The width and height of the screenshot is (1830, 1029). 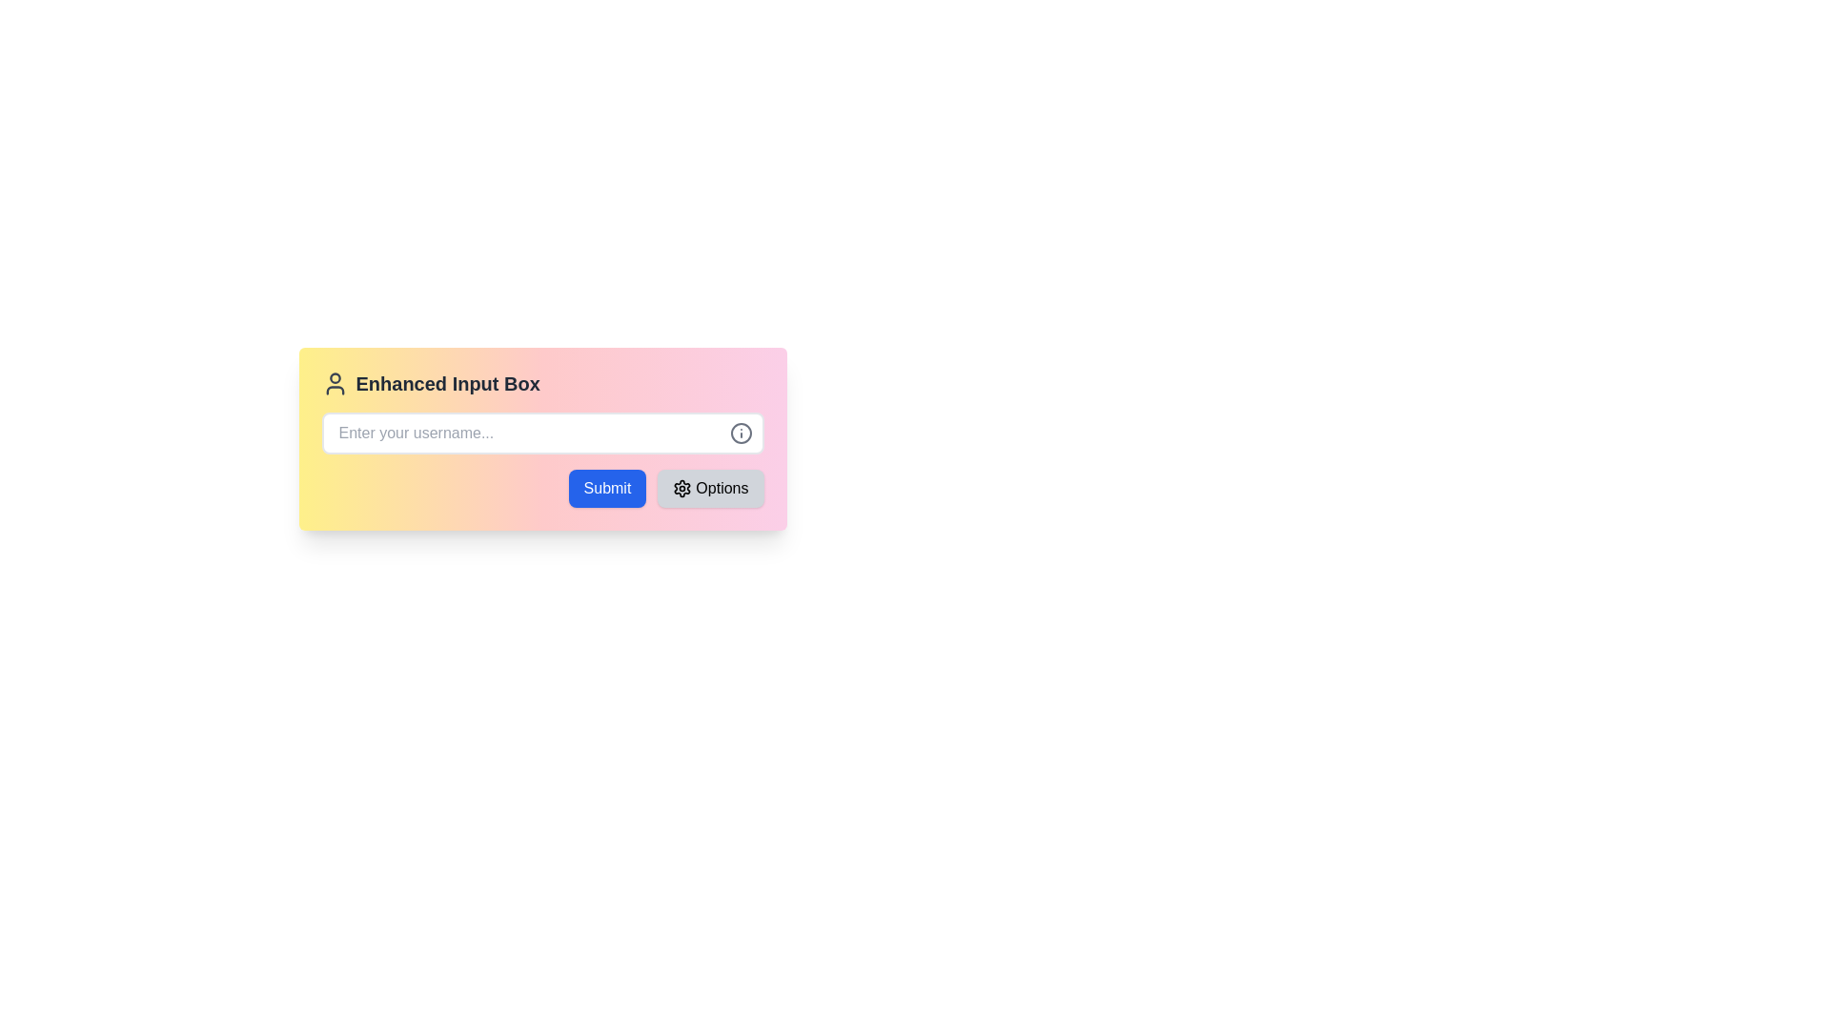 I want to click on the cogwheel icon representing settings within the 'Options' button, so click(x=682, y=488).